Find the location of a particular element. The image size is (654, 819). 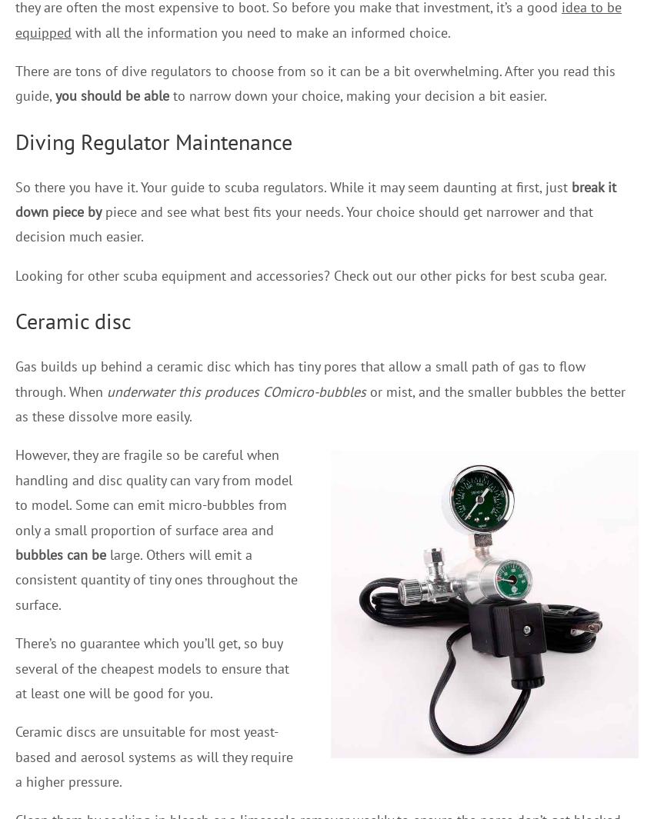

'There’s no guarantee which you’ll get, so buy several of the cheapest models to ensure that at least one will be good for you.' is located at coordinates (151, 668).